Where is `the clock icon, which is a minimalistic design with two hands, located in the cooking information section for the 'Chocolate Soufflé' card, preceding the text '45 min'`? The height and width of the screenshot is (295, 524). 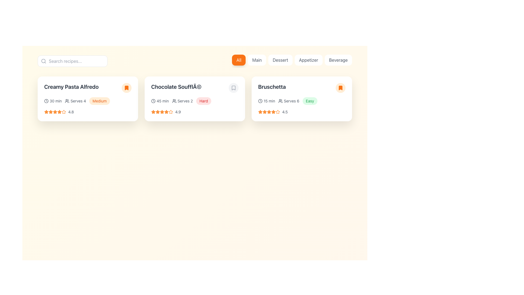
the clock icon, which is a minimalistic design with two hands, located in the cooking information section for the 'Chocolate Soufflé' card, preceding the text '45 min' is located at coordinates (153, 101).